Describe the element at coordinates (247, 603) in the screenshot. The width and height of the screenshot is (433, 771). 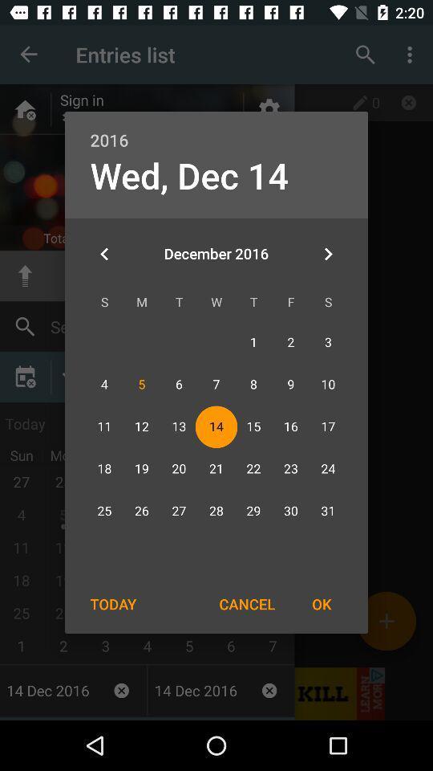
I see `cancel` at that location.